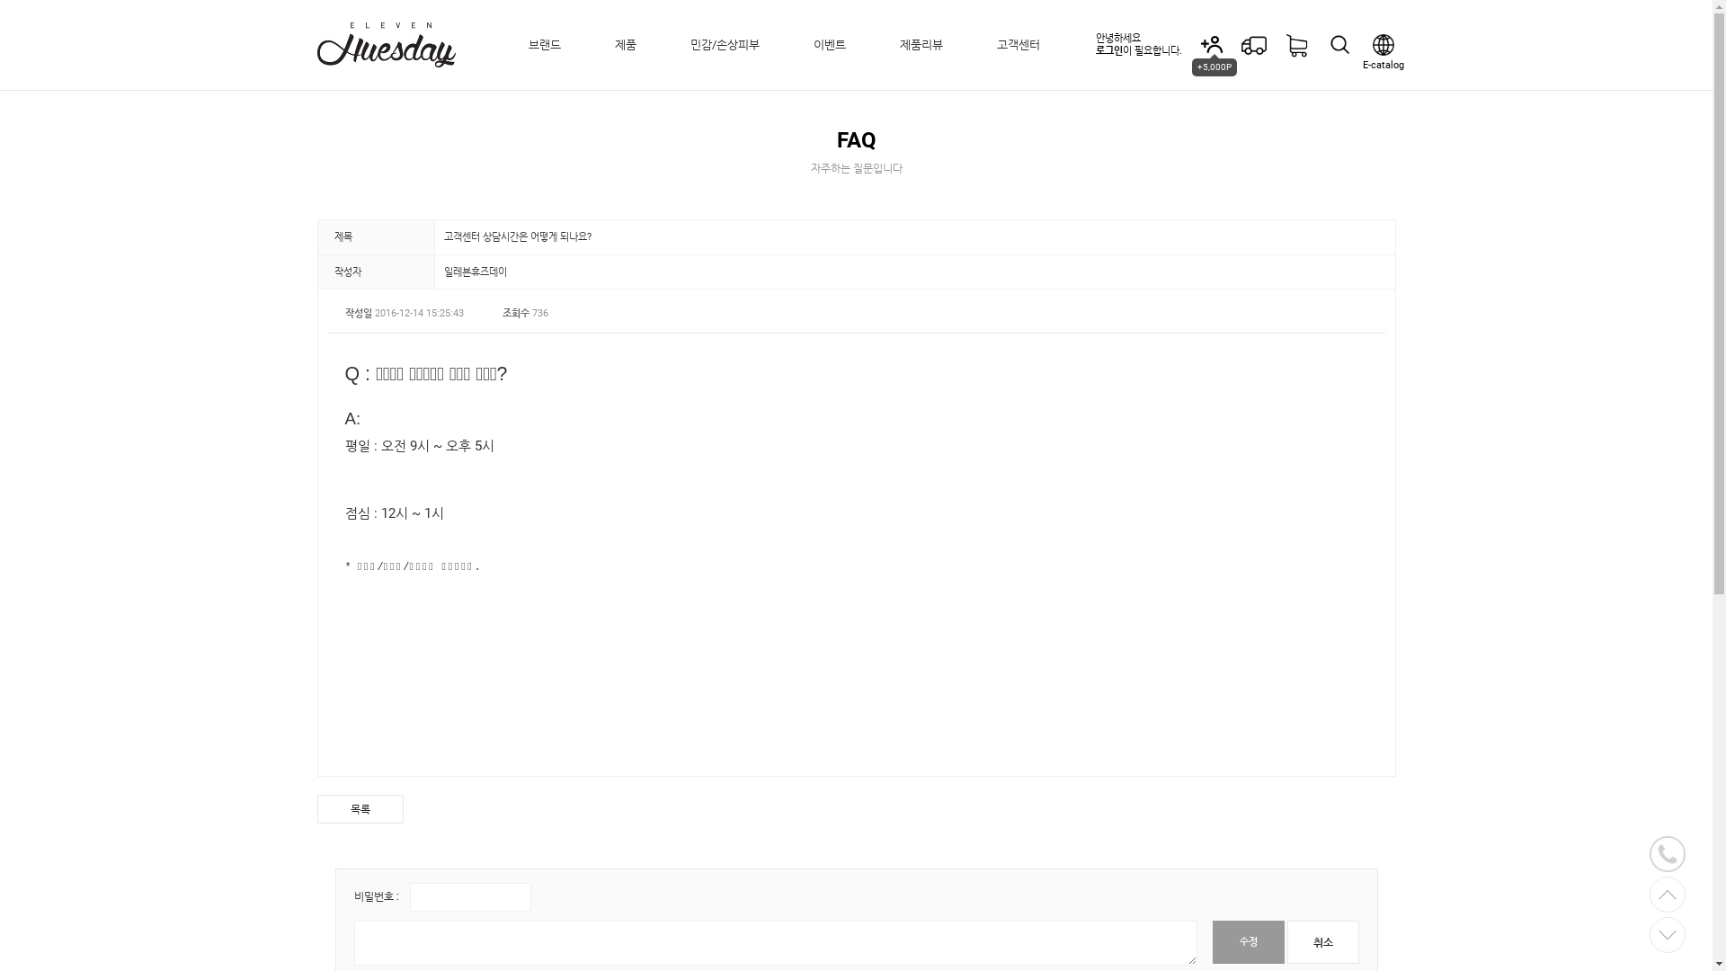 The width and height of the screenshot is (1726, 971). Describe the element at coordinates (1381, 44) in the screenshot. I see `'E-catalog'` at that location.